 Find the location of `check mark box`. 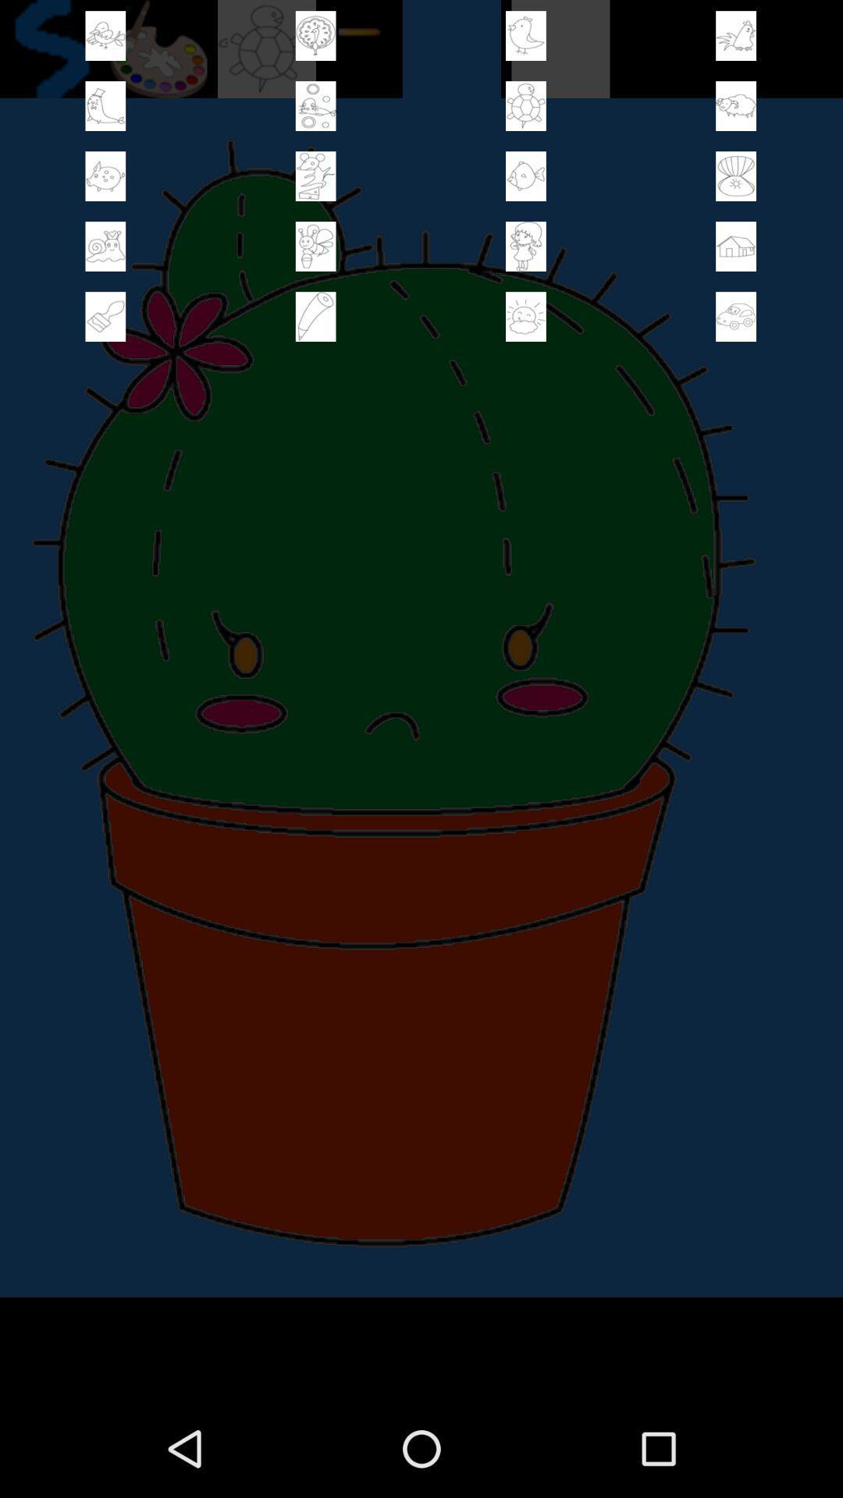

check mark box is located at coordinates (736, 176).